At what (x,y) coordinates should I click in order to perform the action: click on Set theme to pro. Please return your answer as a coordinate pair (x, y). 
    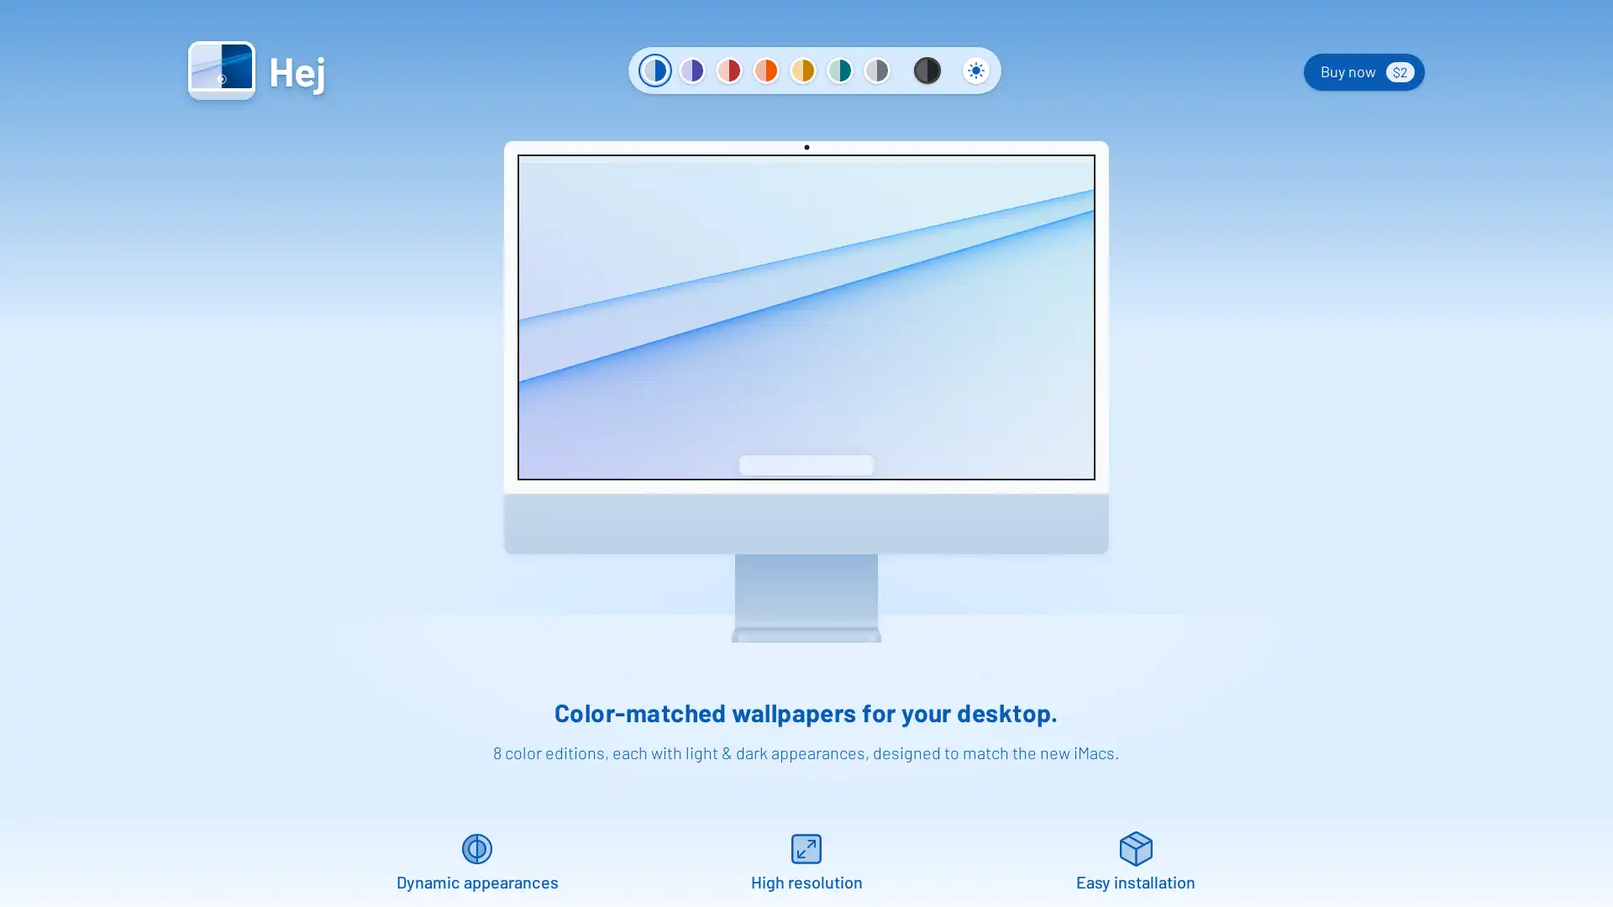
    Looking at the image, I should click on (927, 70).